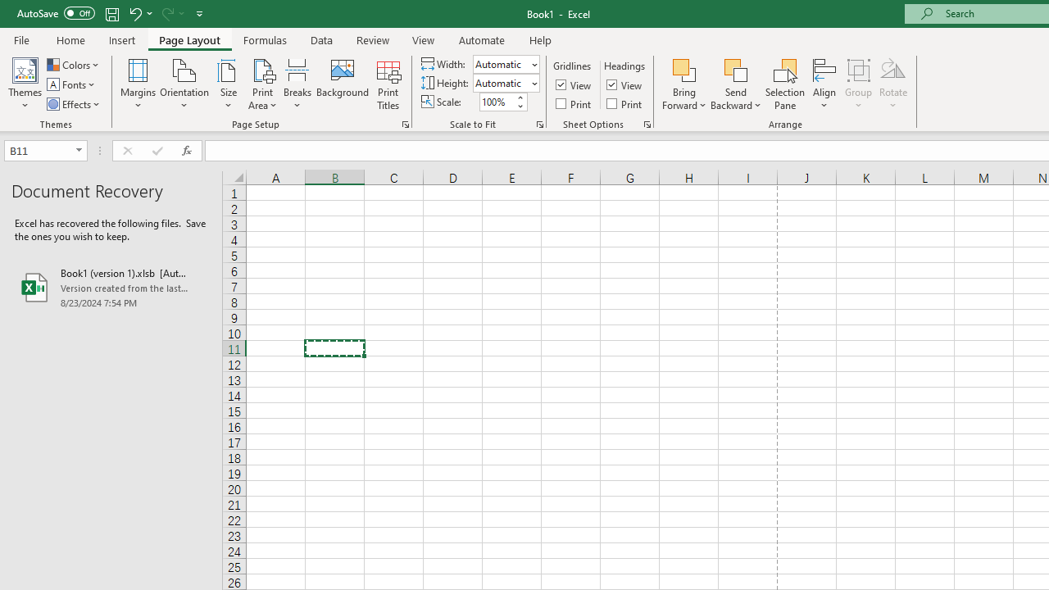 Image resolution: width=1049 pixels, height=590 pixels. I want to click on 'Margins', so click(138, 84).